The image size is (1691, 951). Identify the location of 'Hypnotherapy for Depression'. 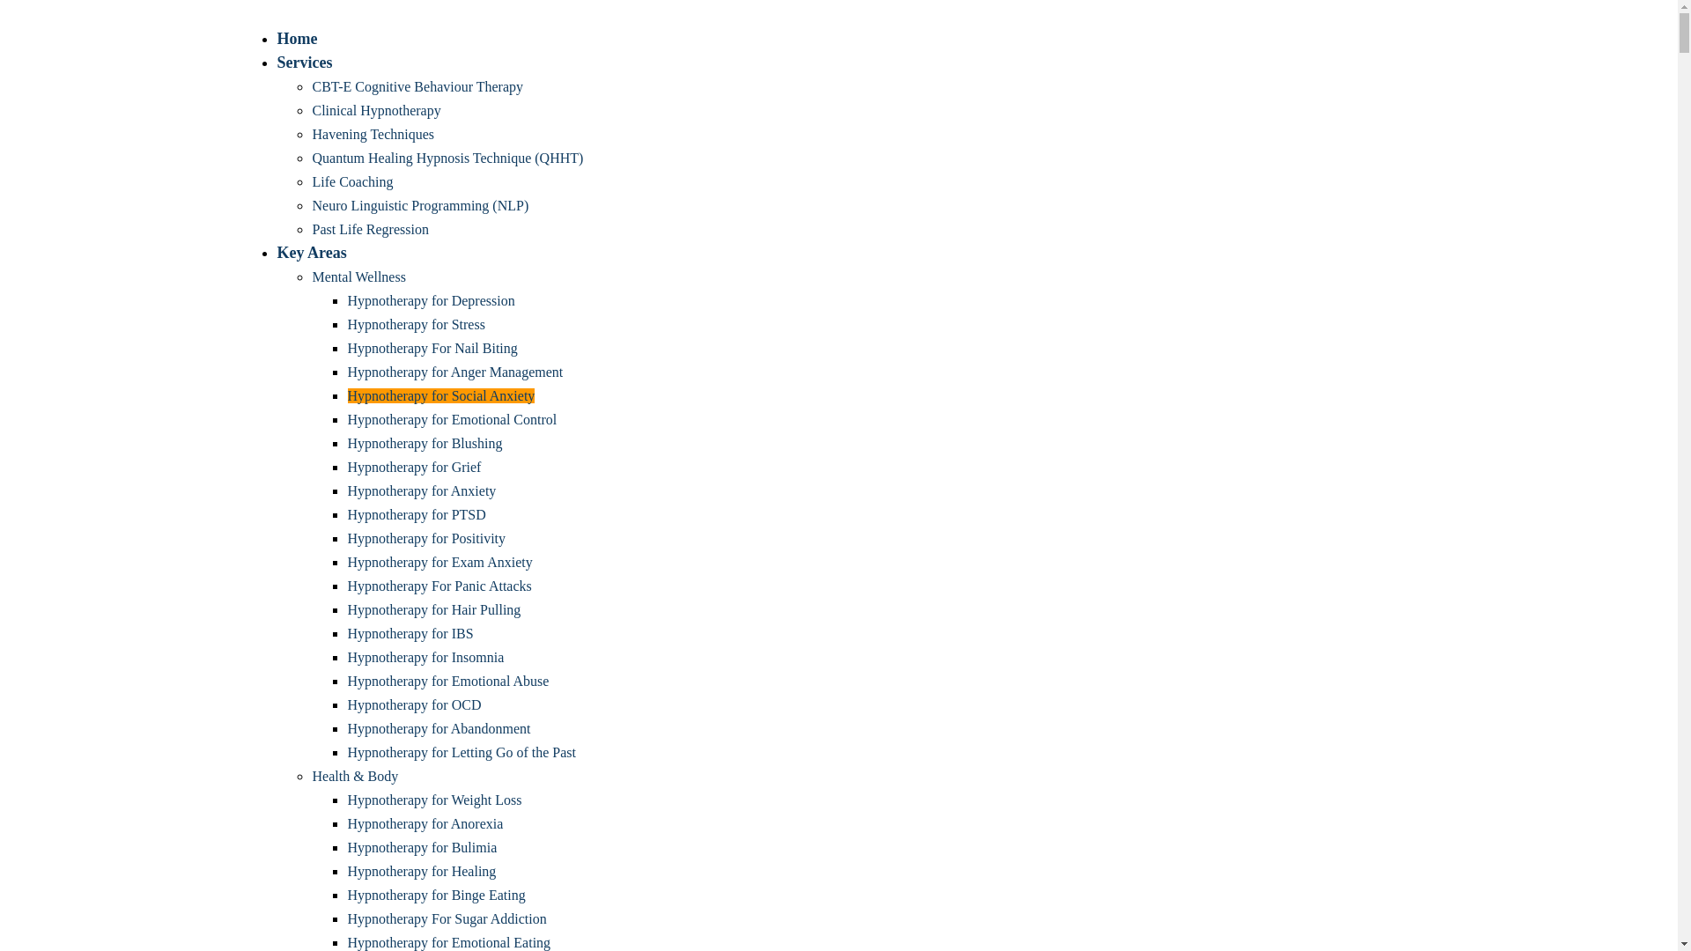
(431, 299).